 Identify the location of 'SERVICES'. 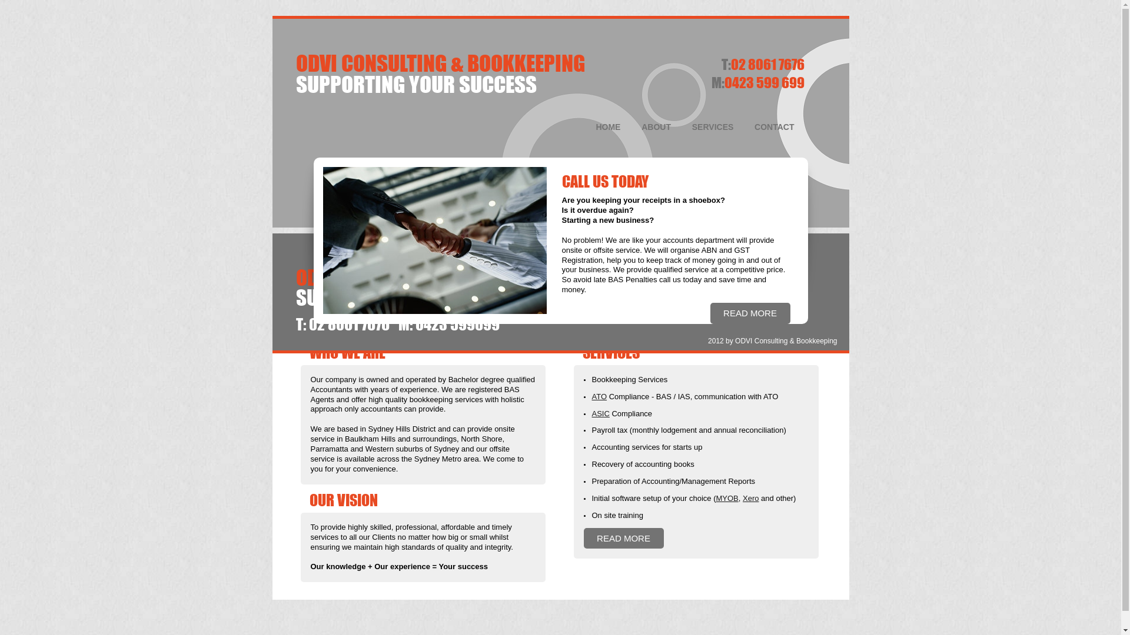
(683, 127).